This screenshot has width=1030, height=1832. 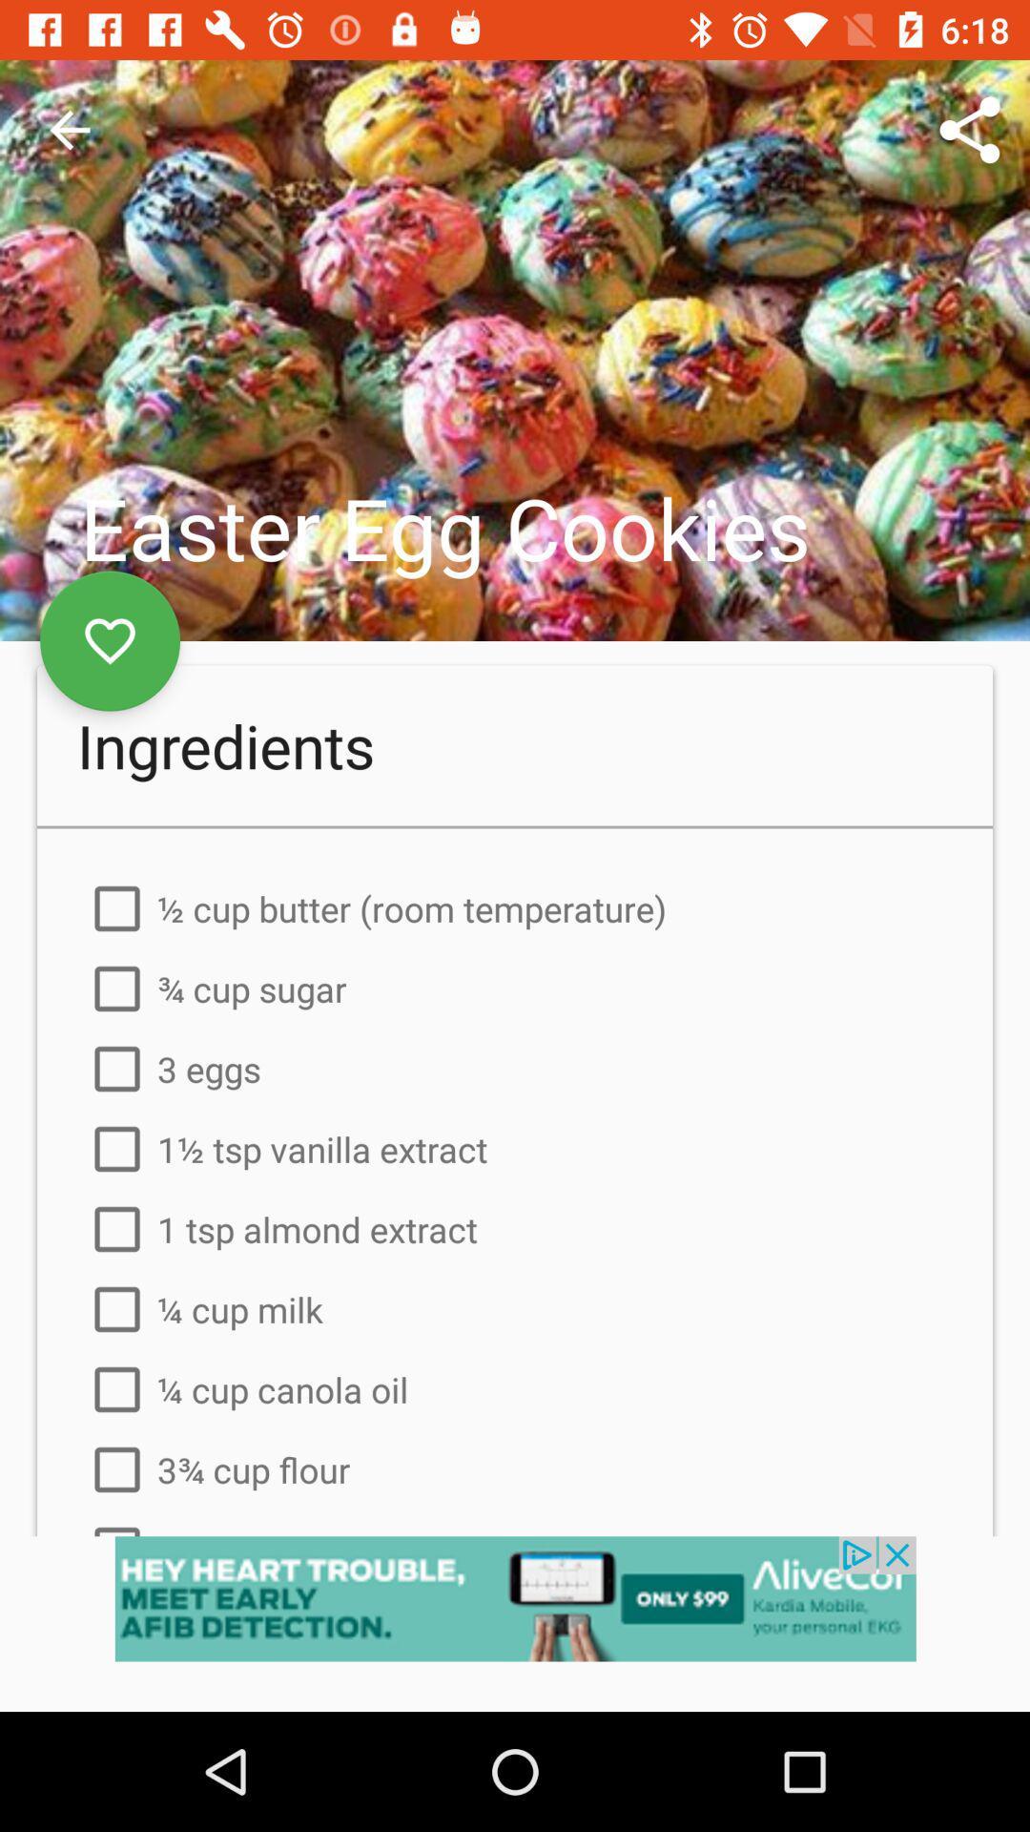 I want to click on favorite, so click(x=110, y=641).